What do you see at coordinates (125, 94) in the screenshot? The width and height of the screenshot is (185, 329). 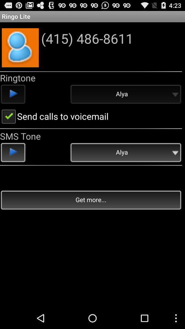 I see `the alya from dropdown` at bounding box center [125, 94].